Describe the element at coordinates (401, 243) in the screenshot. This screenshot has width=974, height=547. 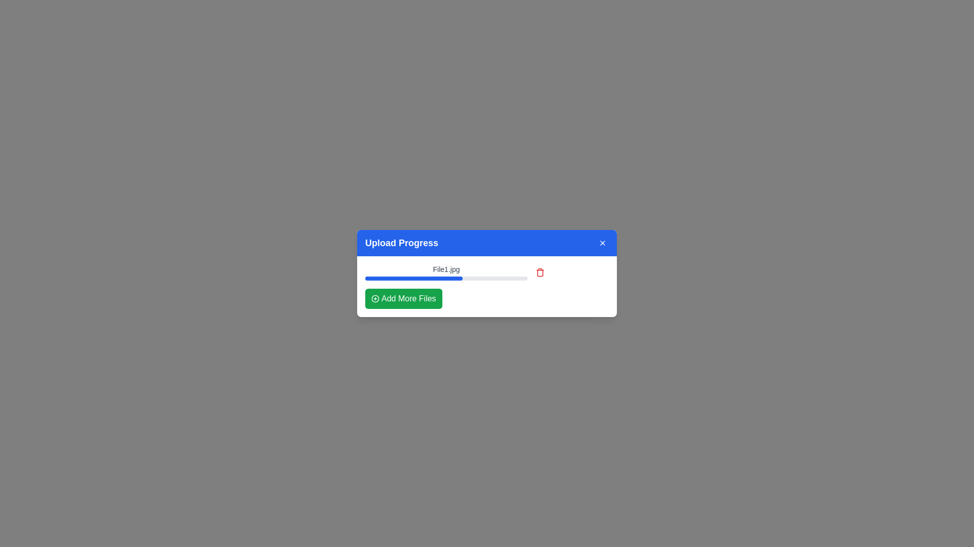
I see `the 'Upload Progress' text label, which is styled in bold font and white color on a blue background, located at the top of a modal component` at that location.